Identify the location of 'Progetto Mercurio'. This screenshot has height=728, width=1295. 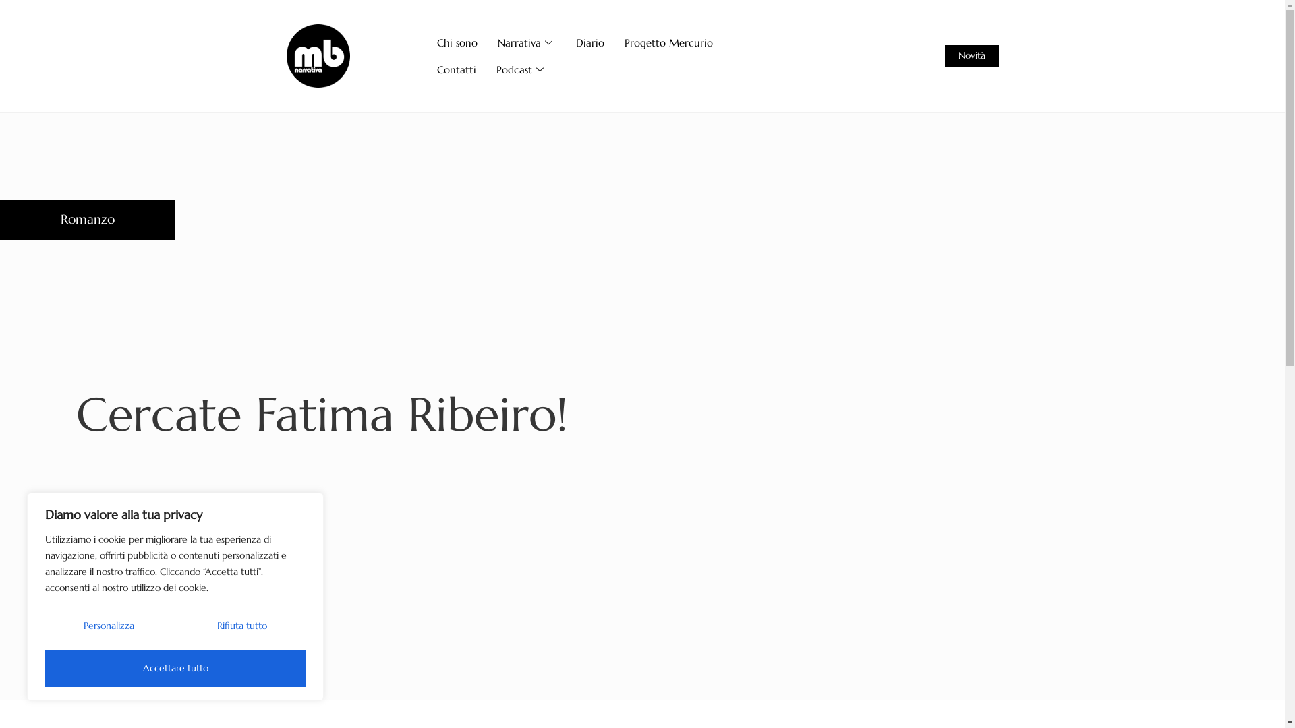
(668, 41).